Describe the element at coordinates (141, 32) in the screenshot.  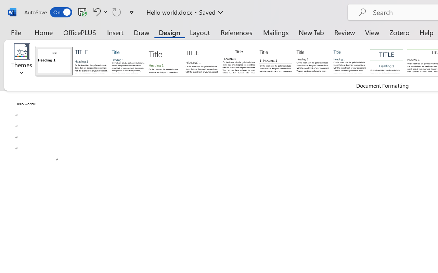
I see `'Draw'` at that location.